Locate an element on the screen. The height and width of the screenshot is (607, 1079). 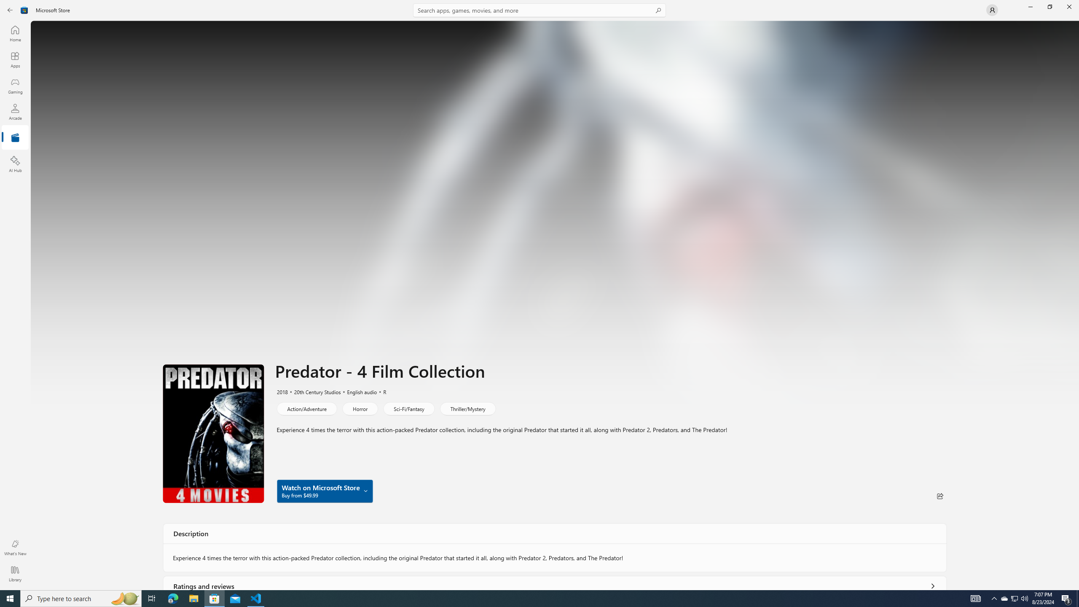
'What' is located at coordinates (14, 547).